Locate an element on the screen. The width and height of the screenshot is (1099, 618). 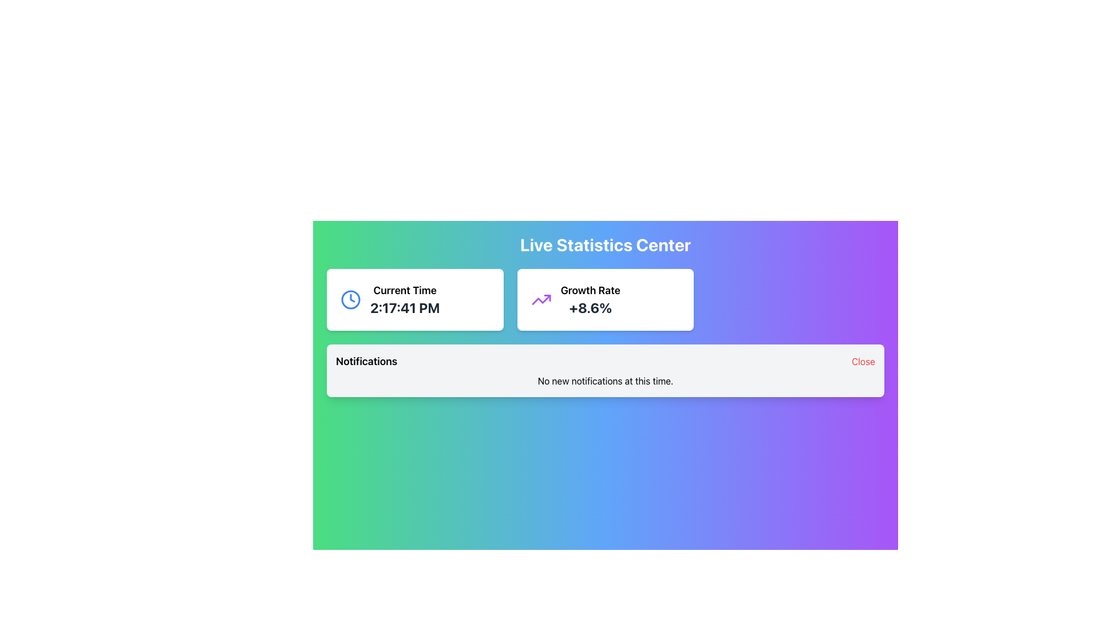
the purple upward trending arrow icon located in the 'Growth Rate' information card, which is positioned to the left of the text '+8.6%' is located at coordinates (540, 299).